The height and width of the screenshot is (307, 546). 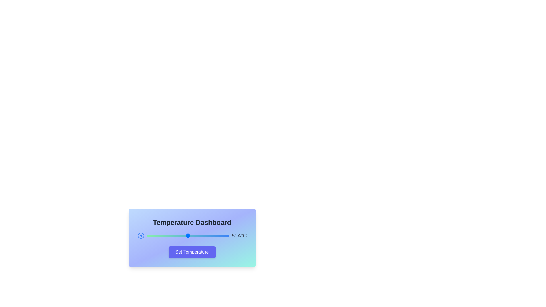 What do you see at coordinates (152, 236) in the screenshot?
I see `the slider to set the temperature to 7°C` at bounding box center [152, 236].